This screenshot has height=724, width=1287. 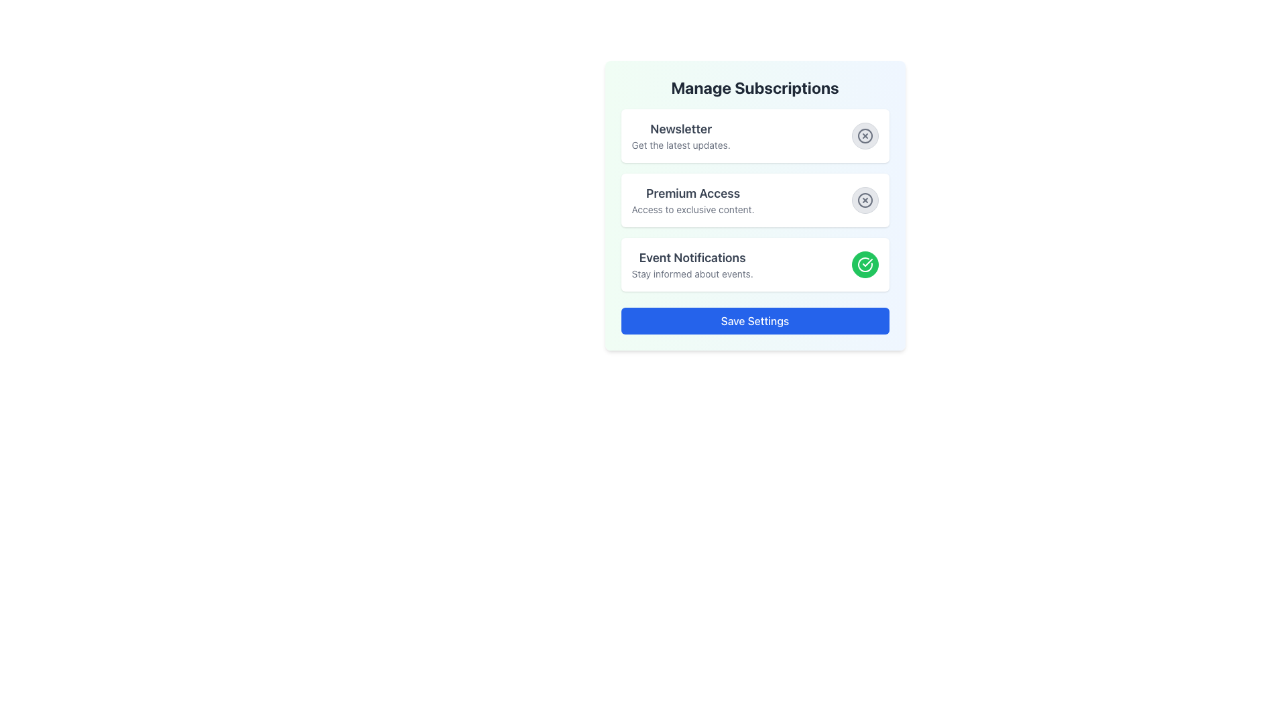 I want to click on the circular button with an 'X' icon located at the upper-right corner of the 'Newsletter' subscription card in the 'Manage Subscriptions' list, so click(x=865, y=136).